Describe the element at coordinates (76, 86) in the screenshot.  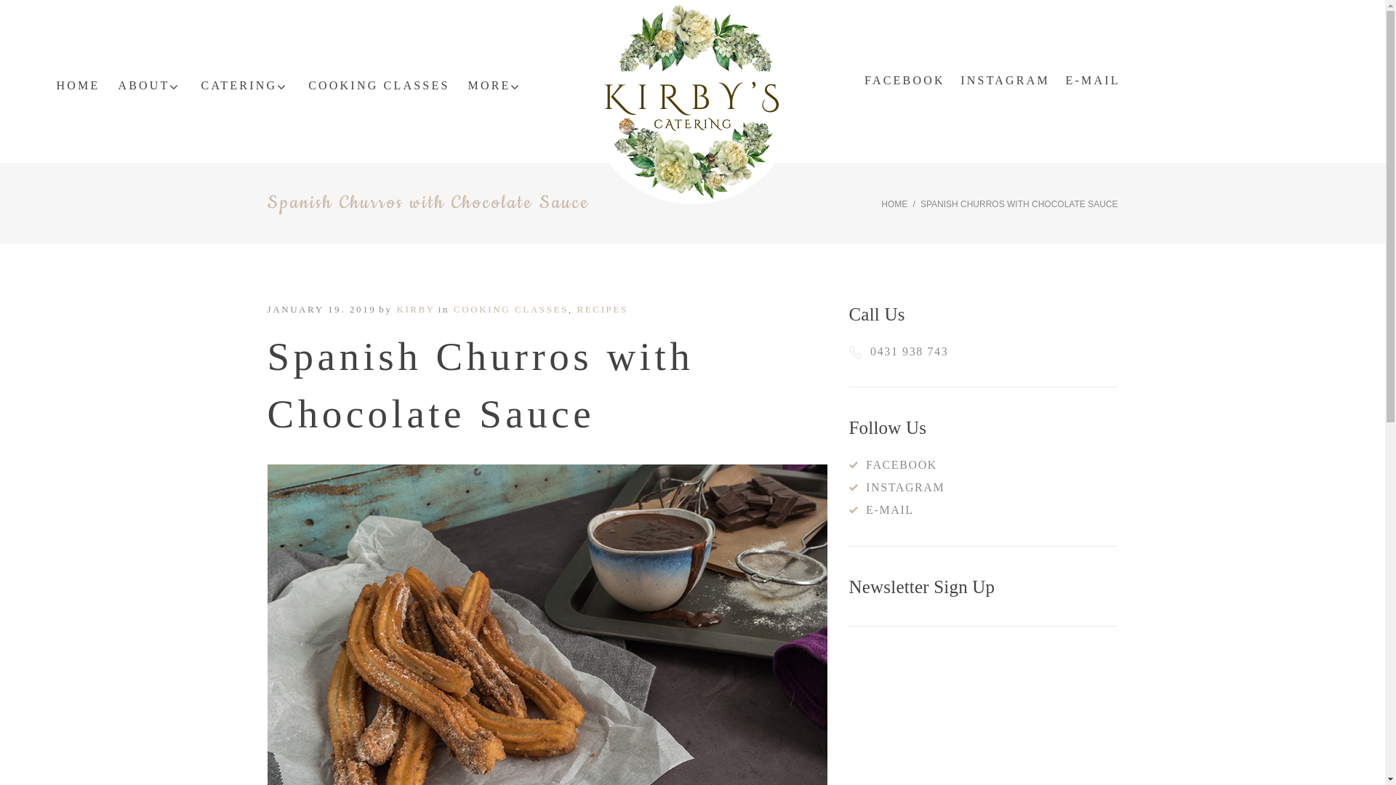
I see `'HOME'` at that location.